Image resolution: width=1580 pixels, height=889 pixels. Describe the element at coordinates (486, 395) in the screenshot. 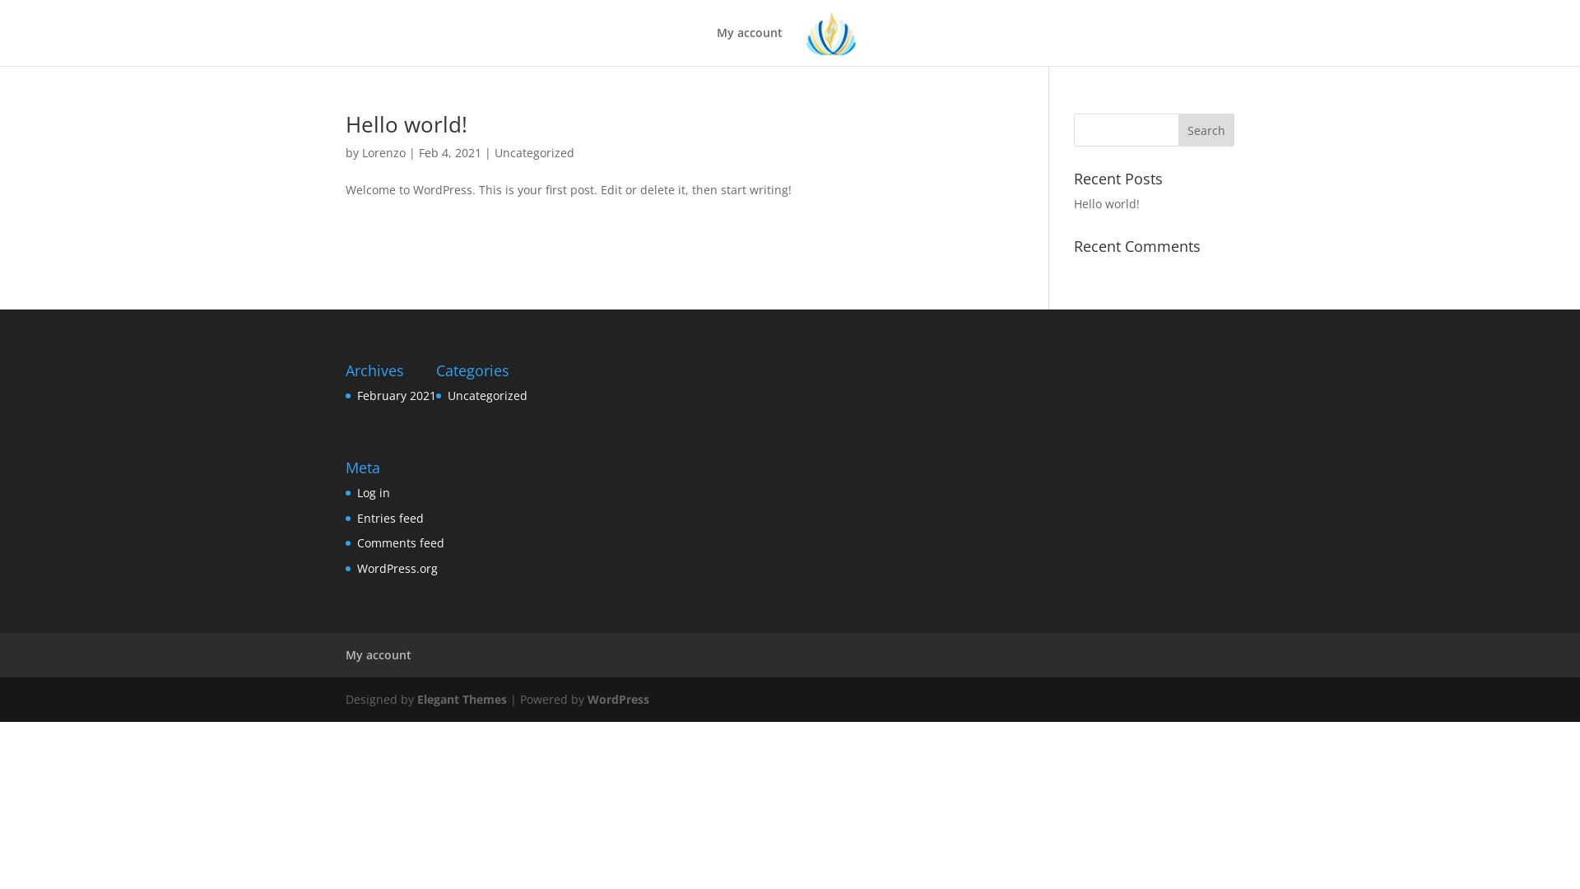

I see `'Uncategorized'` at that location.